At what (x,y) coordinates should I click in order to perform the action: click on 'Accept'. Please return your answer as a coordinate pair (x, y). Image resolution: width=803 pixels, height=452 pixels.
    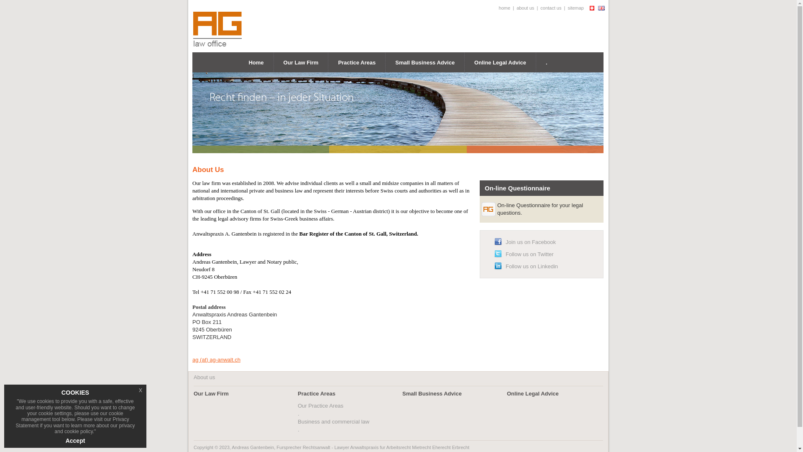
    Looking at the image, I should click on (75, 440).